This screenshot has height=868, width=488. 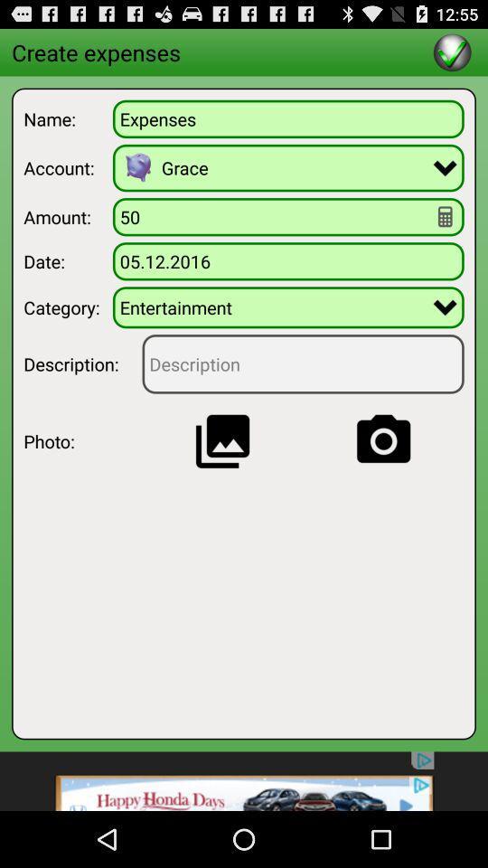 I want to click on camera opption, so click(x=382, y=440).